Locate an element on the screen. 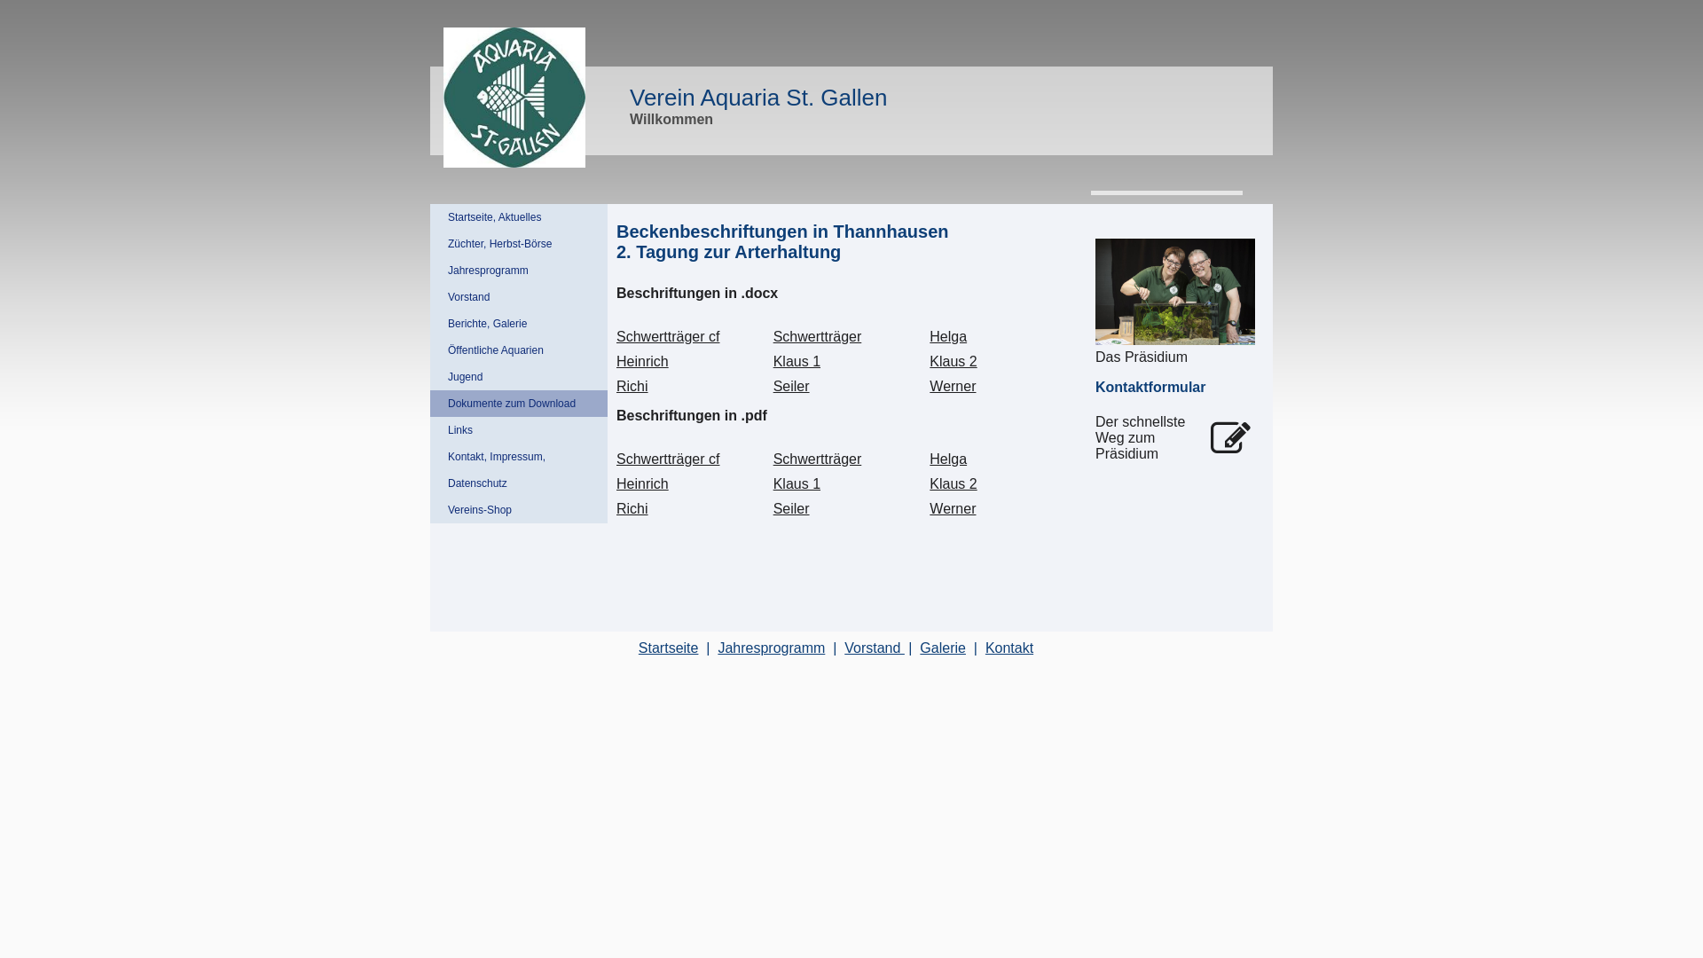  'Heinrich' is located at coordinates (641, 360).